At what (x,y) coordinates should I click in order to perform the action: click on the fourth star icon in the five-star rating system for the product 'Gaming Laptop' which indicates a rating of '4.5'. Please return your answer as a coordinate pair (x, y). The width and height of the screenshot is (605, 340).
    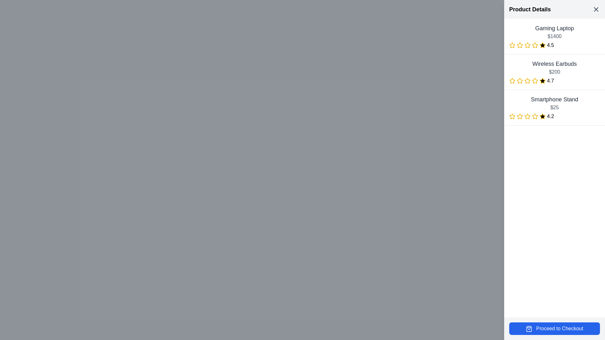
    Looking at the image, I should click on (527, 45).